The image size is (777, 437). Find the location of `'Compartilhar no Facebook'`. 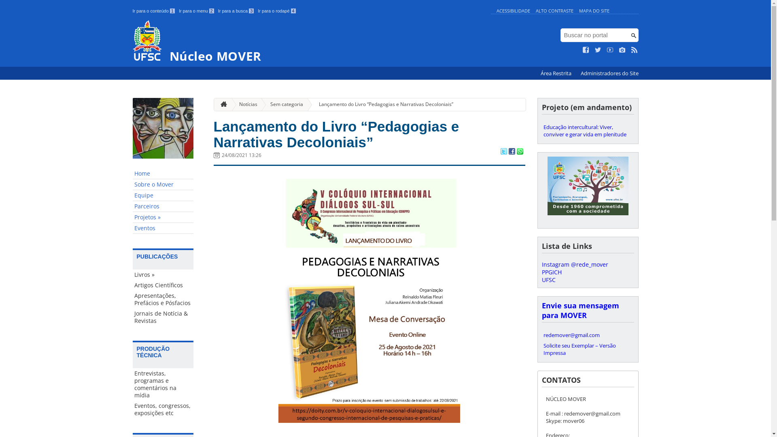

'Compartilhar no Facebook' is located at coordinates (511, 152).